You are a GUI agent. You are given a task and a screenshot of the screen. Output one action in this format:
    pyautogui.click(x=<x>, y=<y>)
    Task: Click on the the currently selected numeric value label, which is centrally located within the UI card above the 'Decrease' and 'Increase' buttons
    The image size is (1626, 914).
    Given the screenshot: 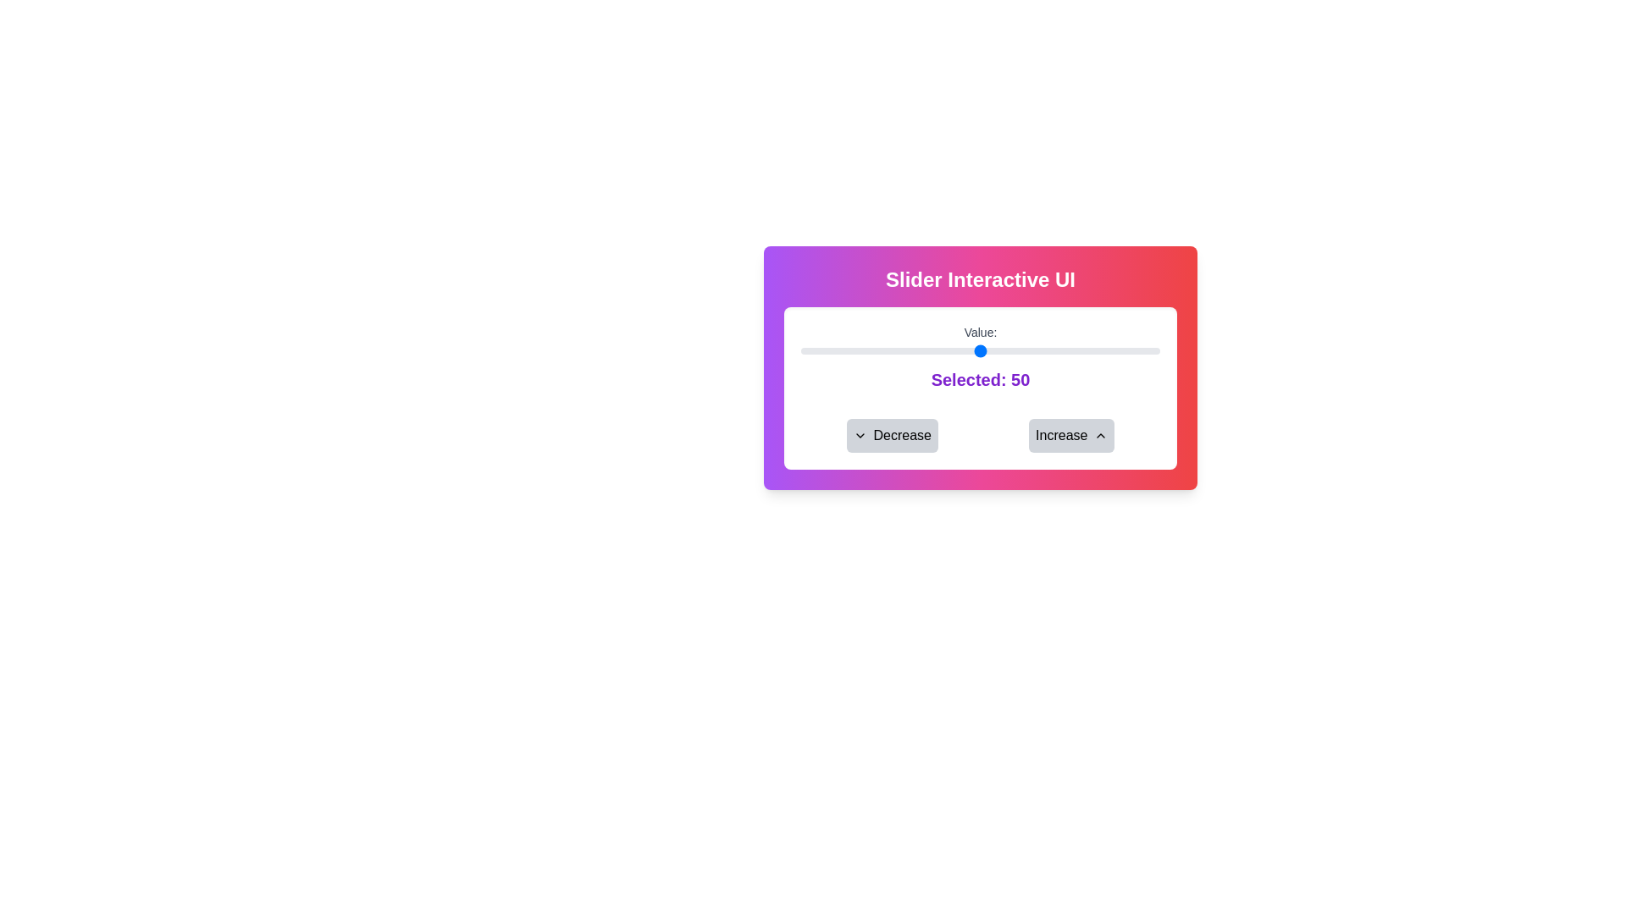 What is the action you would take?
    pyautogui.click(x=1020, y=378)
    